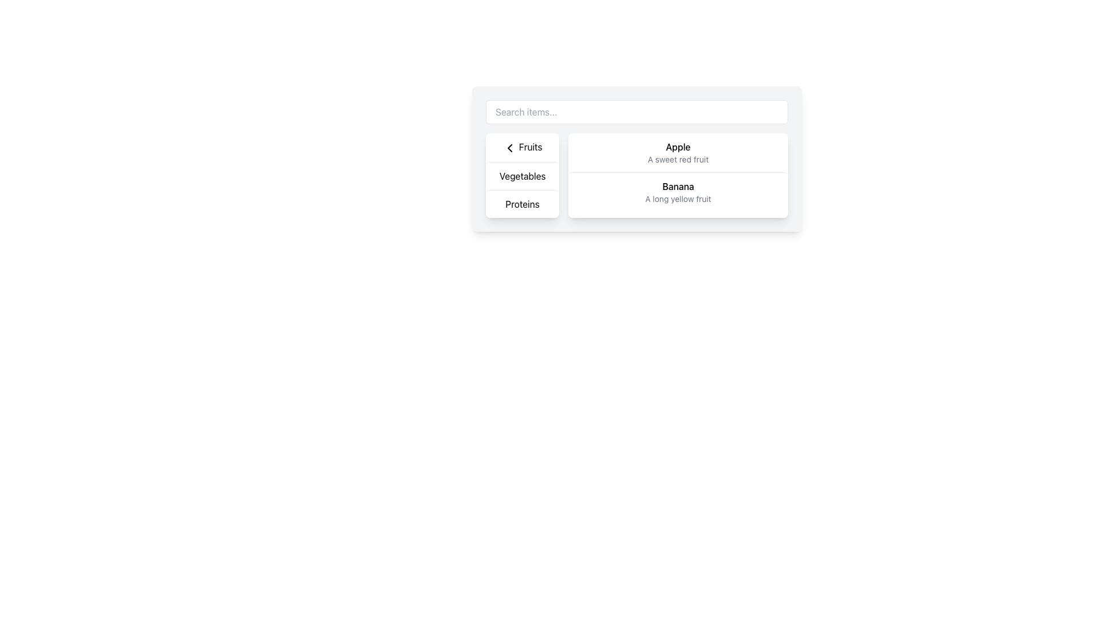 This screenshot has height=618, width=1099. I want to click on the black leftward chevron SVG icon located to the left of the 'Fruits' label in the vertical selection panel, so click(509, 147).